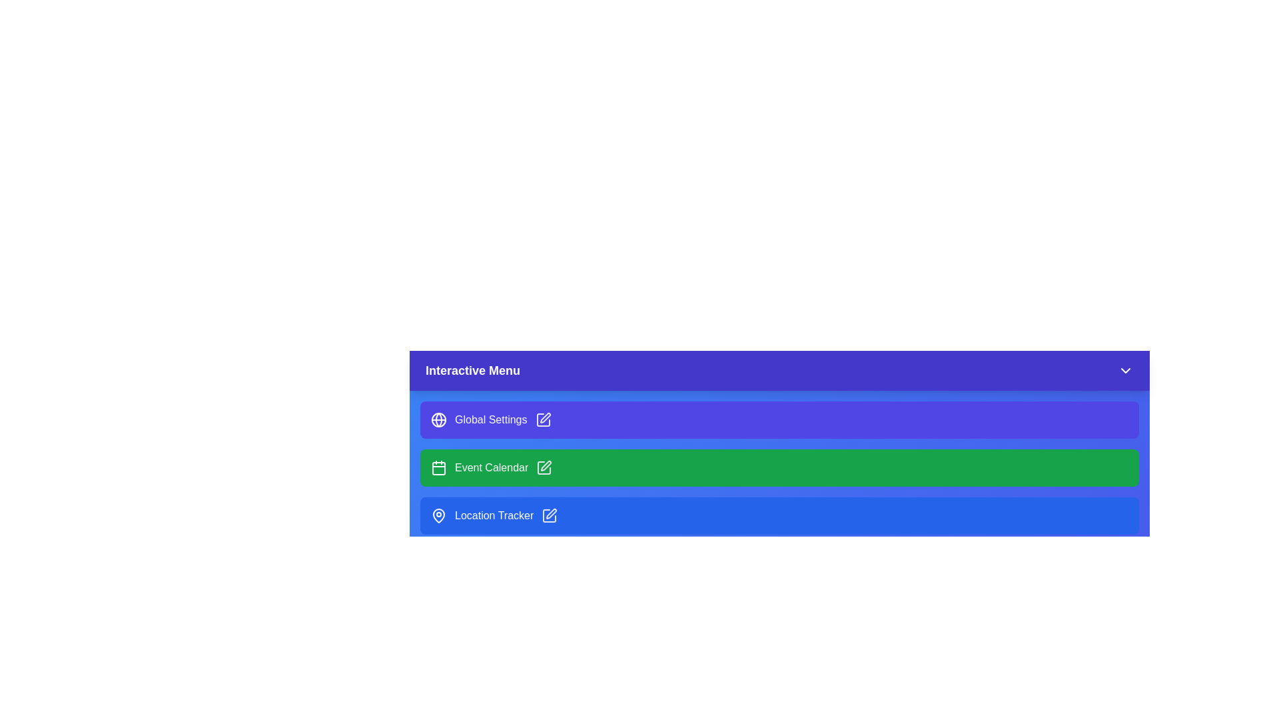 This screenshot has width=1279, height=719. I want to click on the menu item Global Settings from the interactive menu, so click(779, 420).